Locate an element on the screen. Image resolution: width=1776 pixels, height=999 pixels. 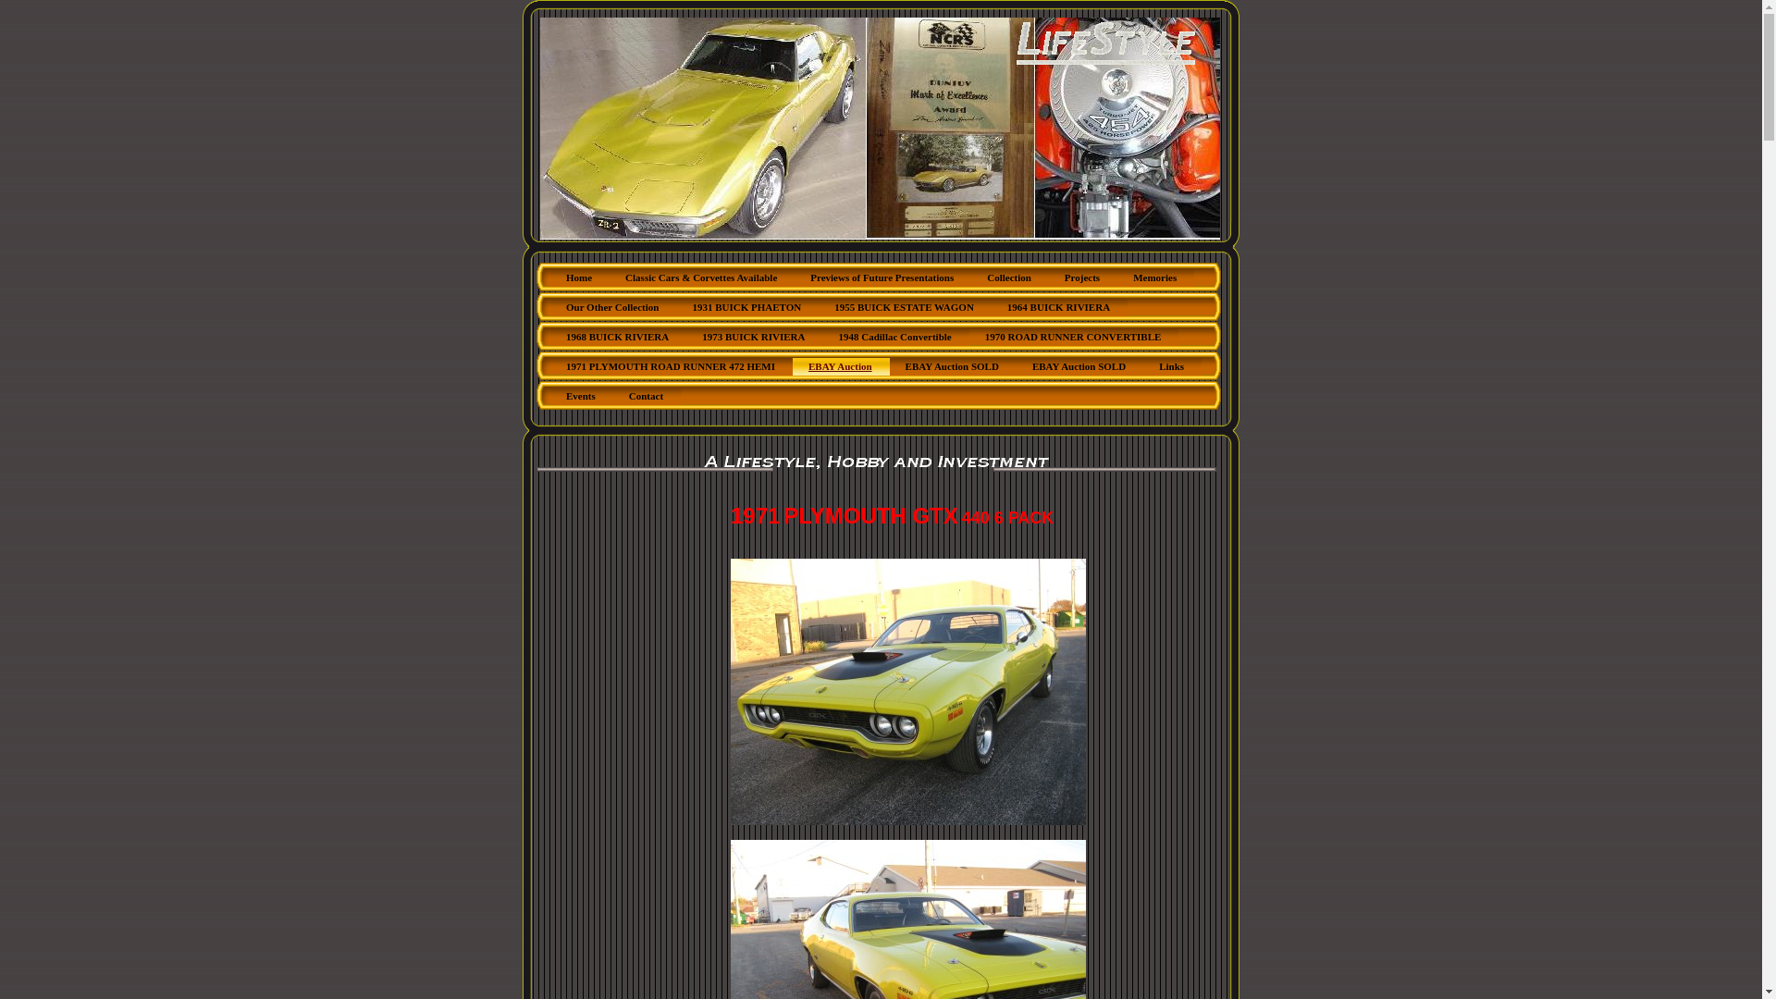
'Classic Cars & Corvettes Available' is located at coordinates (700, 278).